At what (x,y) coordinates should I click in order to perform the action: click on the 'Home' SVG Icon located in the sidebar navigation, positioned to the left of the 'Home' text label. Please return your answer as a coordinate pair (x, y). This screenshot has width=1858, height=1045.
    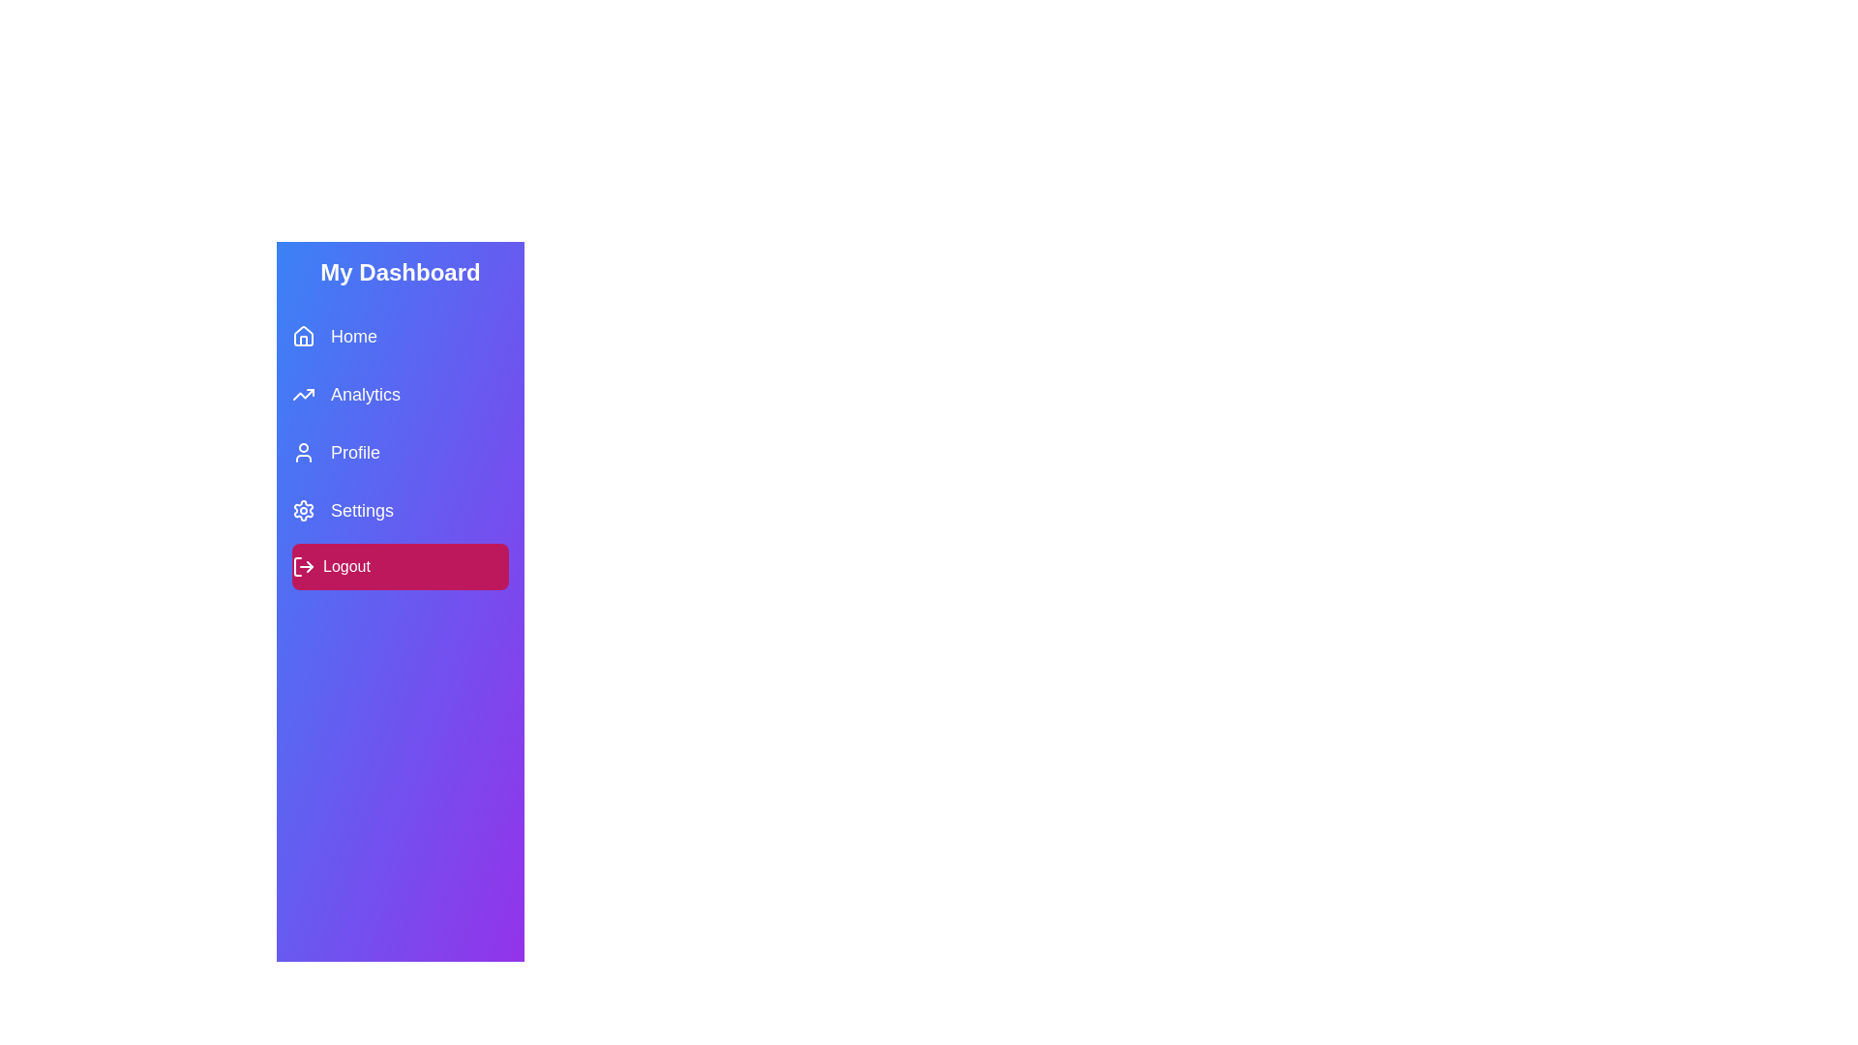
    Looking at the image, I should click on (302, 335).